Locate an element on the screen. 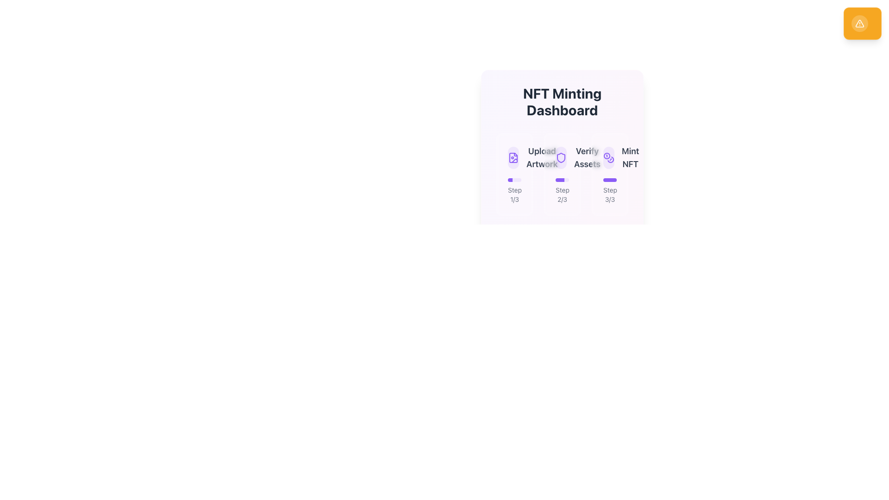 Image resolution: width=889 pixels, height=500 pixels. the styling of the shield-like SVG icon, which is part of the 'Verify Assets' step indicator in the NFT Minting Dashboard is located at coordinates (560, 157).